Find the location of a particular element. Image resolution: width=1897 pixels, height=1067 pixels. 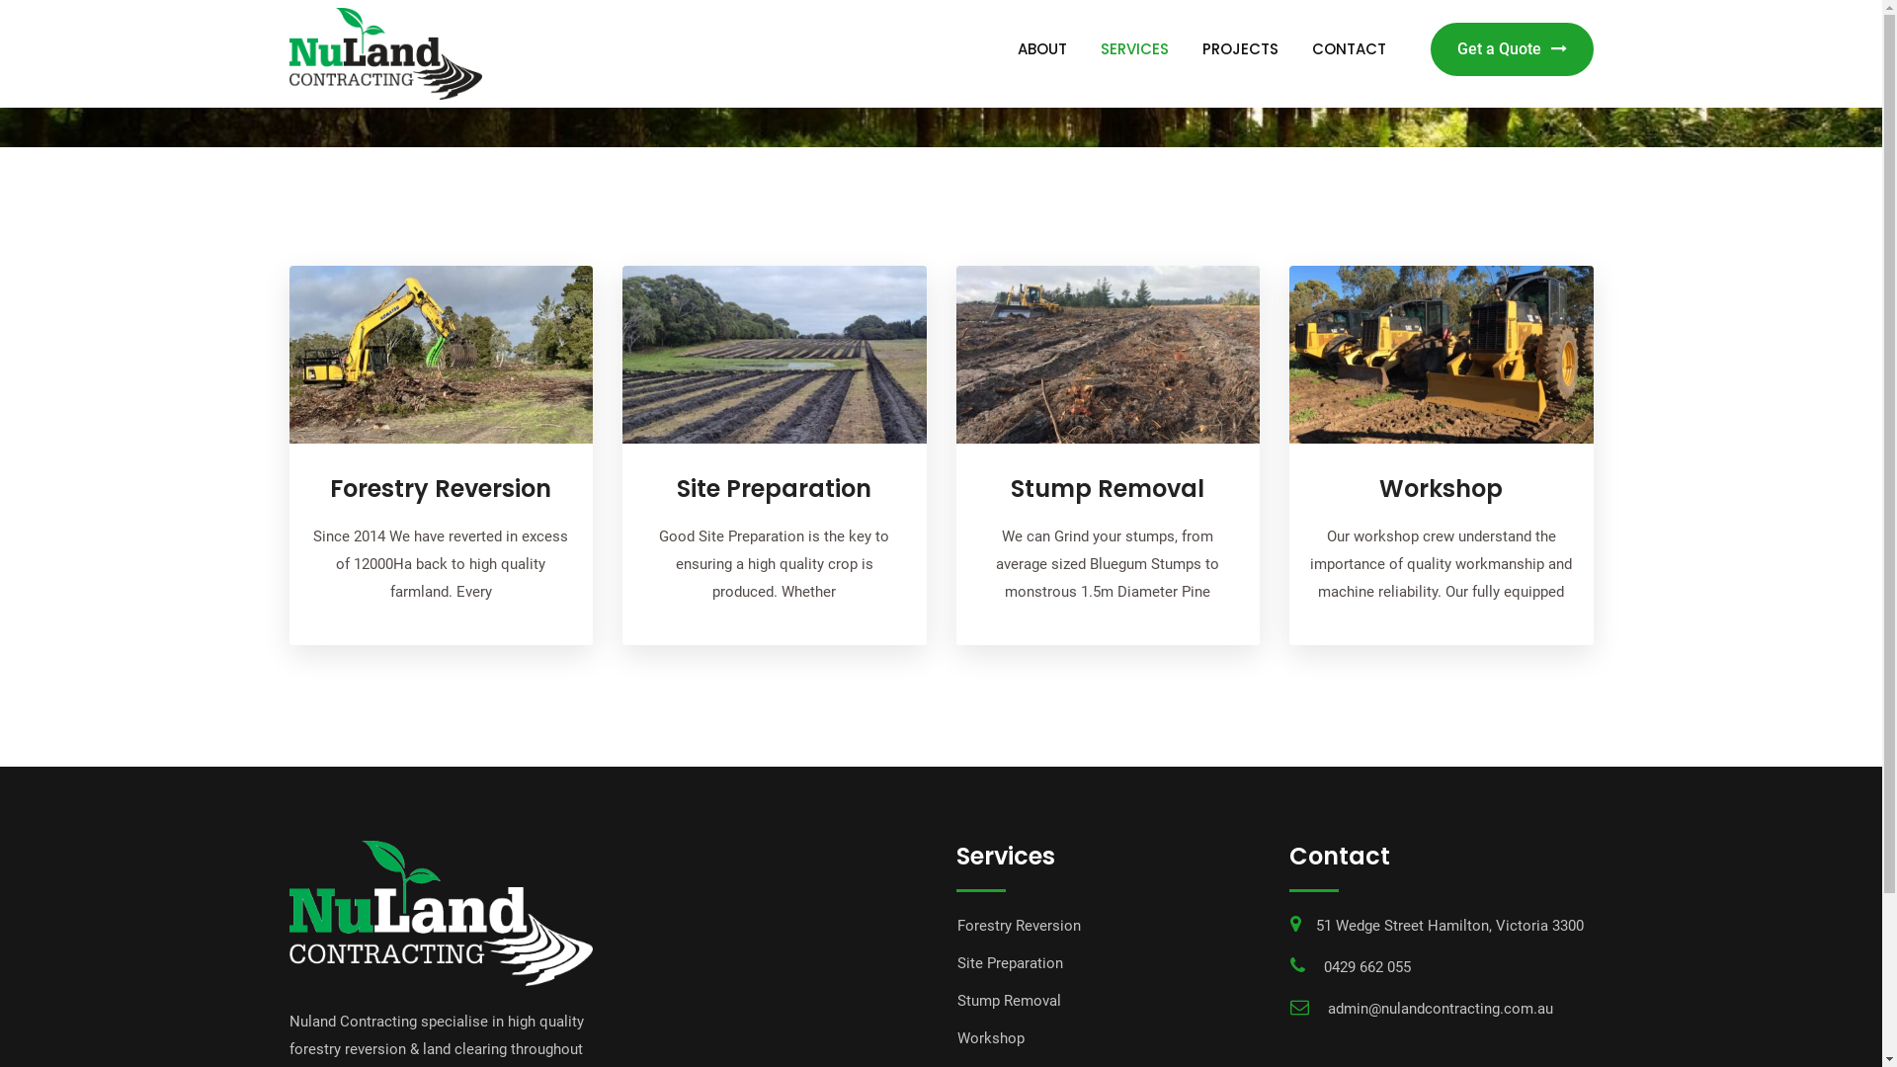

'admin@nulandcontracting.com.au' is located at coordinates (1441, 1009).